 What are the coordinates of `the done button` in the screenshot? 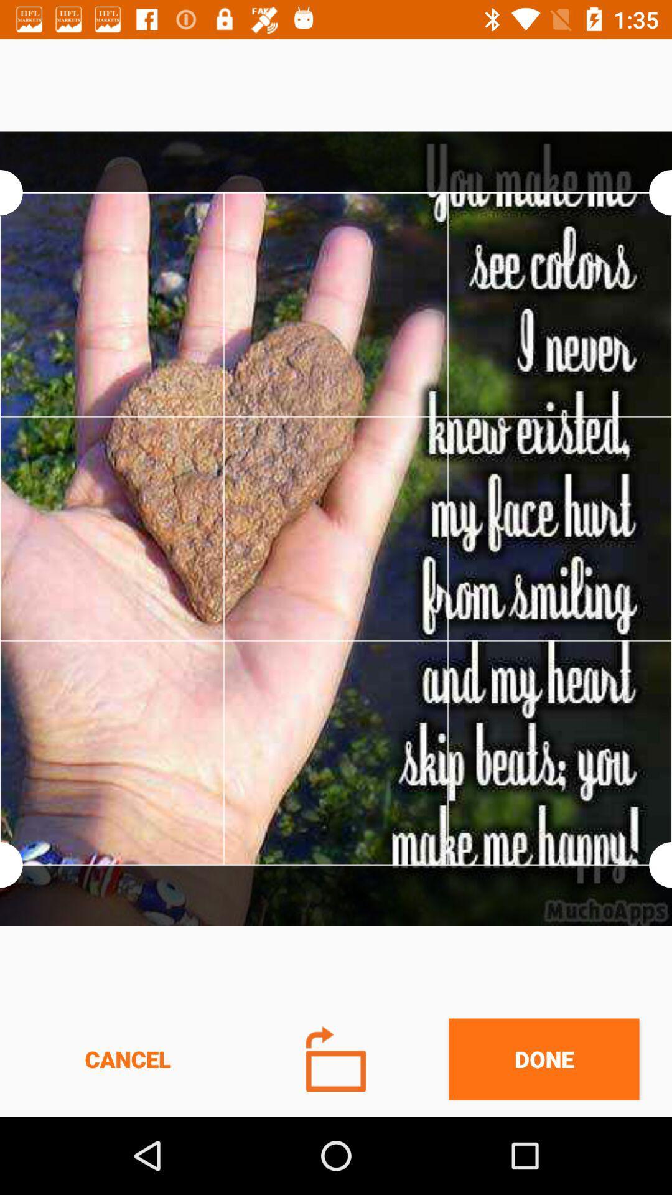 It's located at (543, 1059).